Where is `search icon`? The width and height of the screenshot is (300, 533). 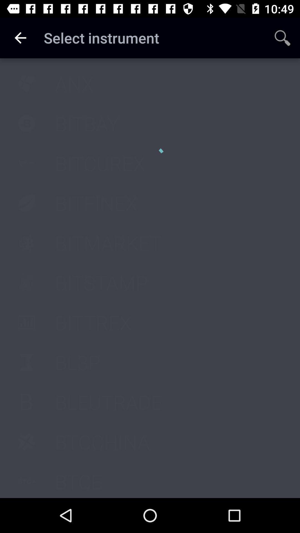 search icon is located at coordinates (282, 38).